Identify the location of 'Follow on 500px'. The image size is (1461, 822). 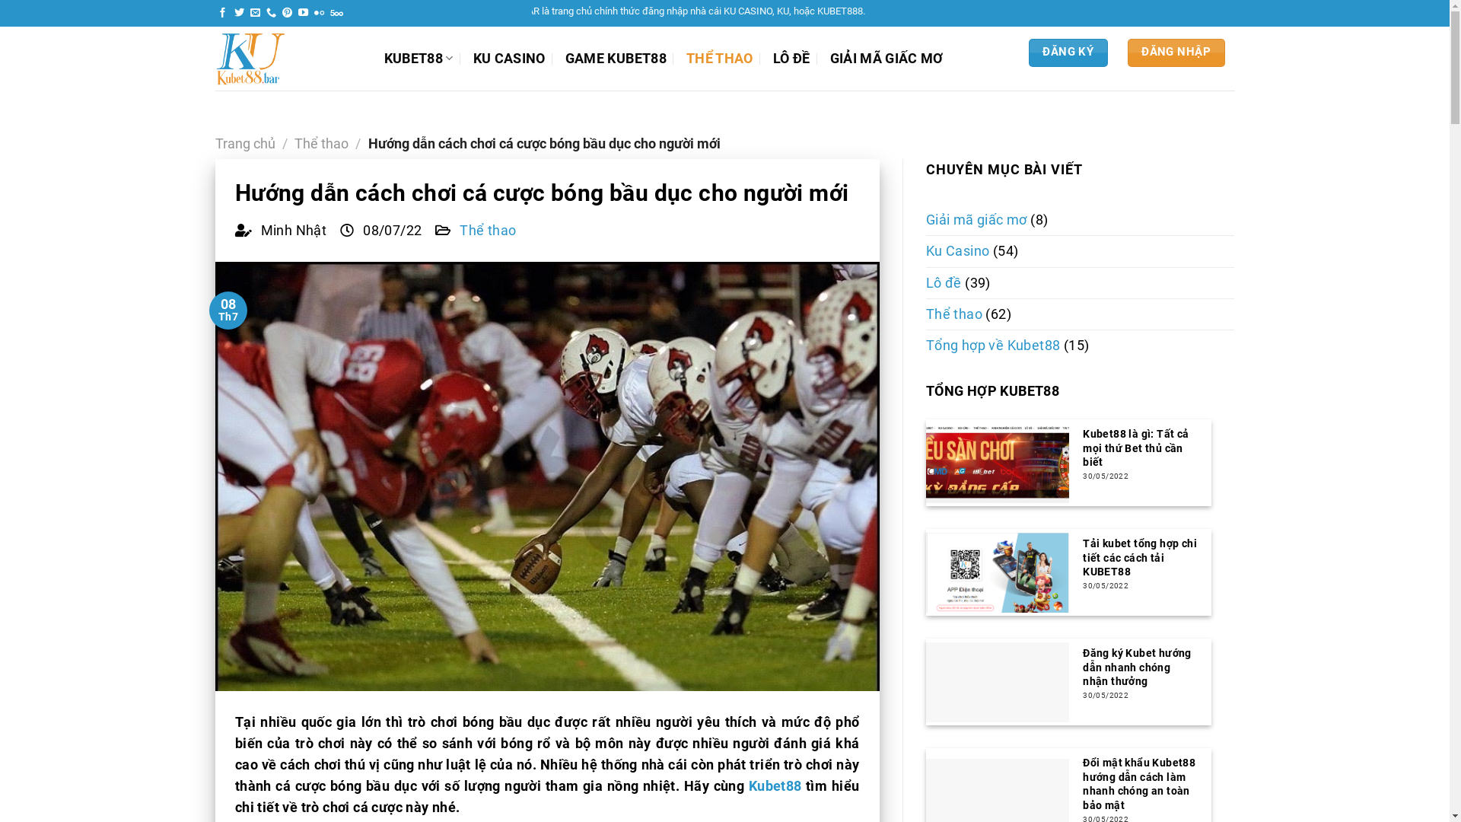
(329, 13).